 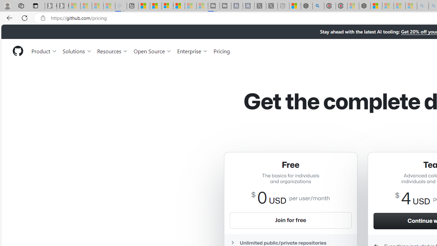 I want to click on 'Homepage', so click(x=17, y=51).